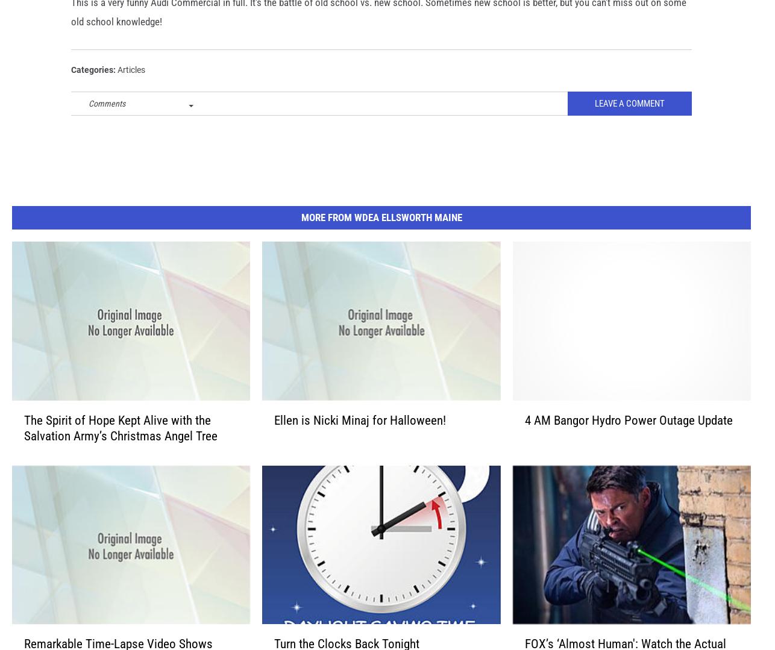  What do you see at coordinates (92, 89) in the screenshot?
I see `'Categories'` at bounding box center [92, 89].